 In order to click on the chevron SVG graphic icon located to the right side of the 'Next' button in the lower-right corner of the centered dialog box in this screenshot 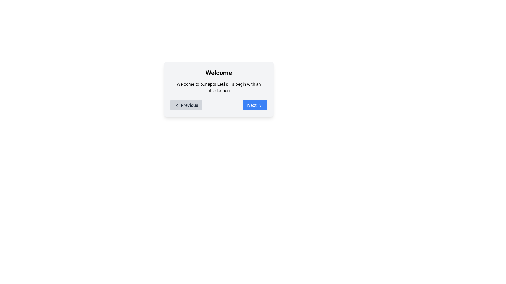, I will do `click(260, 105)`.